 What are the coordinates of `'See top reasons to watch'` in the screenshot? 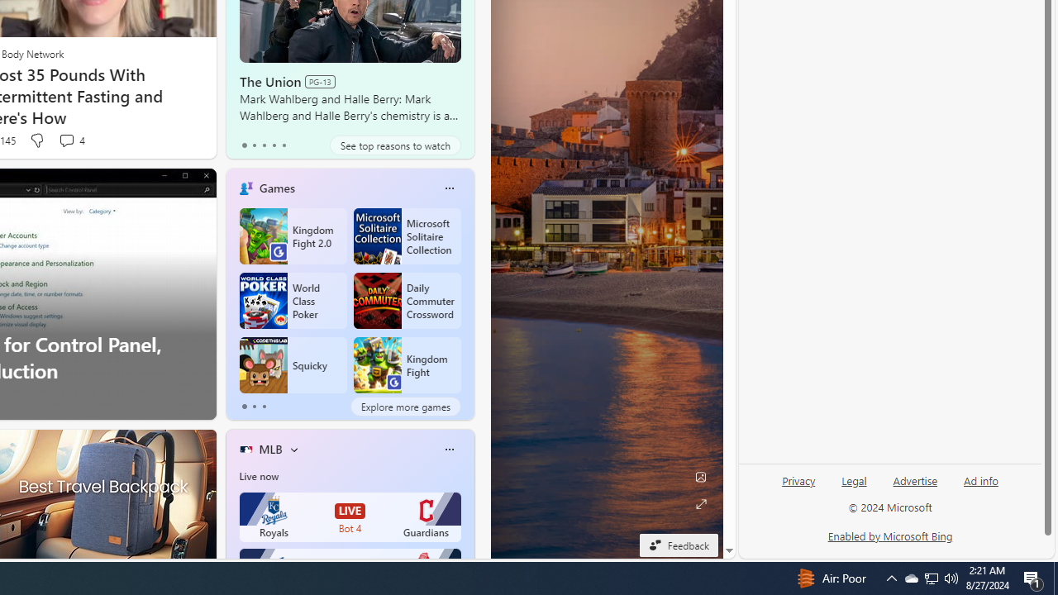 It's located at (394, 145).